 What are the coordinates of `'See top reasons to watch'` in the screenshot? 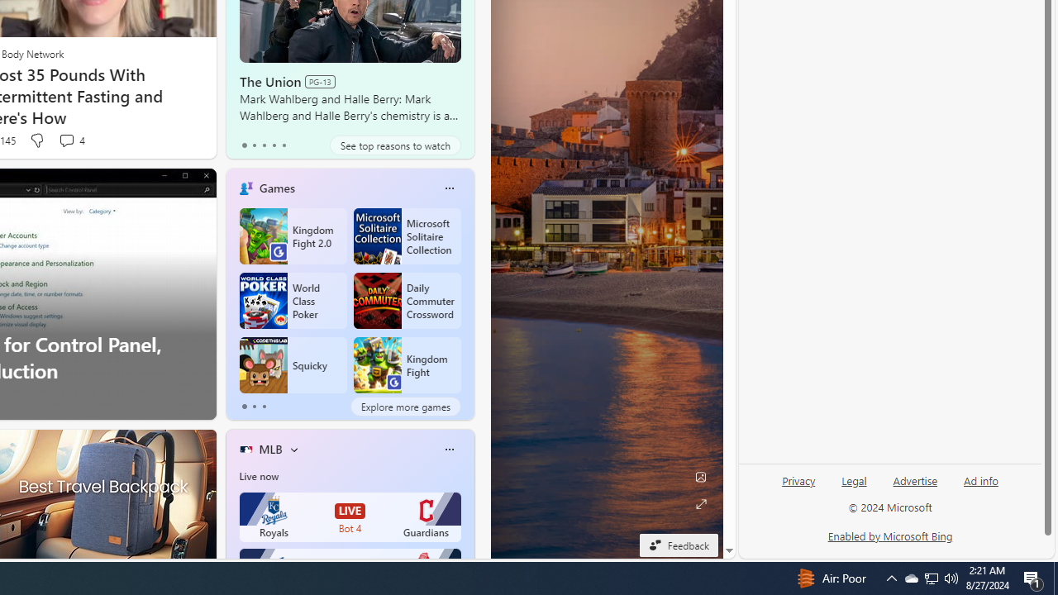 It's located at (394, 145).